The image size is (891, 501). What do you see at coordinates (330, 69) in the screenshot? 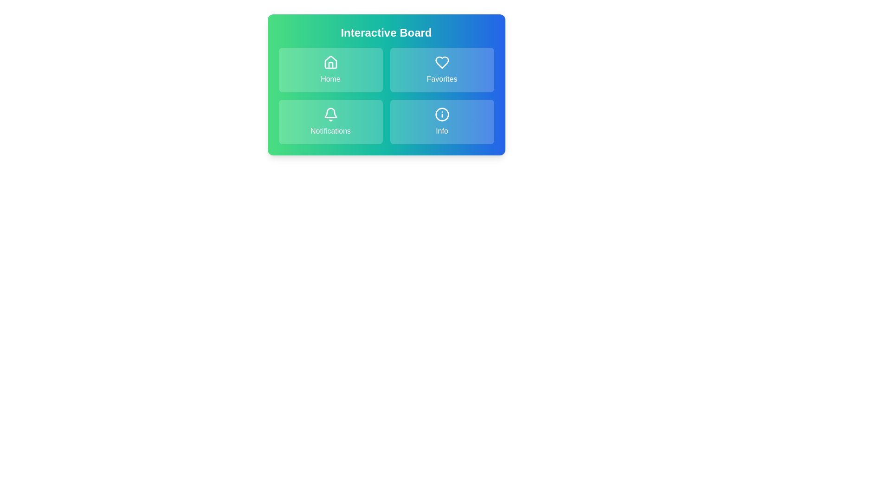
I see `the navigational button located at the top left corner of the grid of four cards` at bounding box center [330, 69].